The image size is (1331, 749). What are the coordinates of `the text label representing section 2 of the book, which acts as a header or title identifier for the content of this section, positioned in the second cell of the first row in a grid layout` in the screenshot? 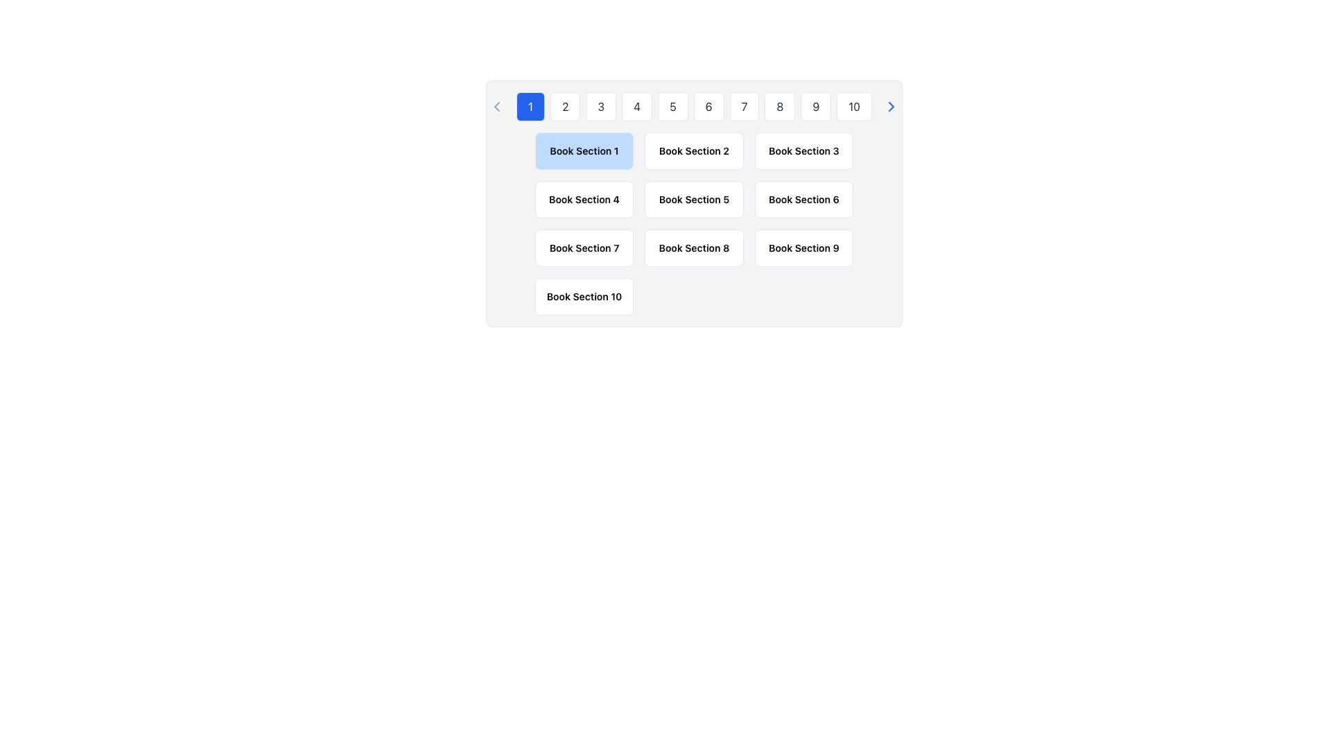 It's located at (694, 151).